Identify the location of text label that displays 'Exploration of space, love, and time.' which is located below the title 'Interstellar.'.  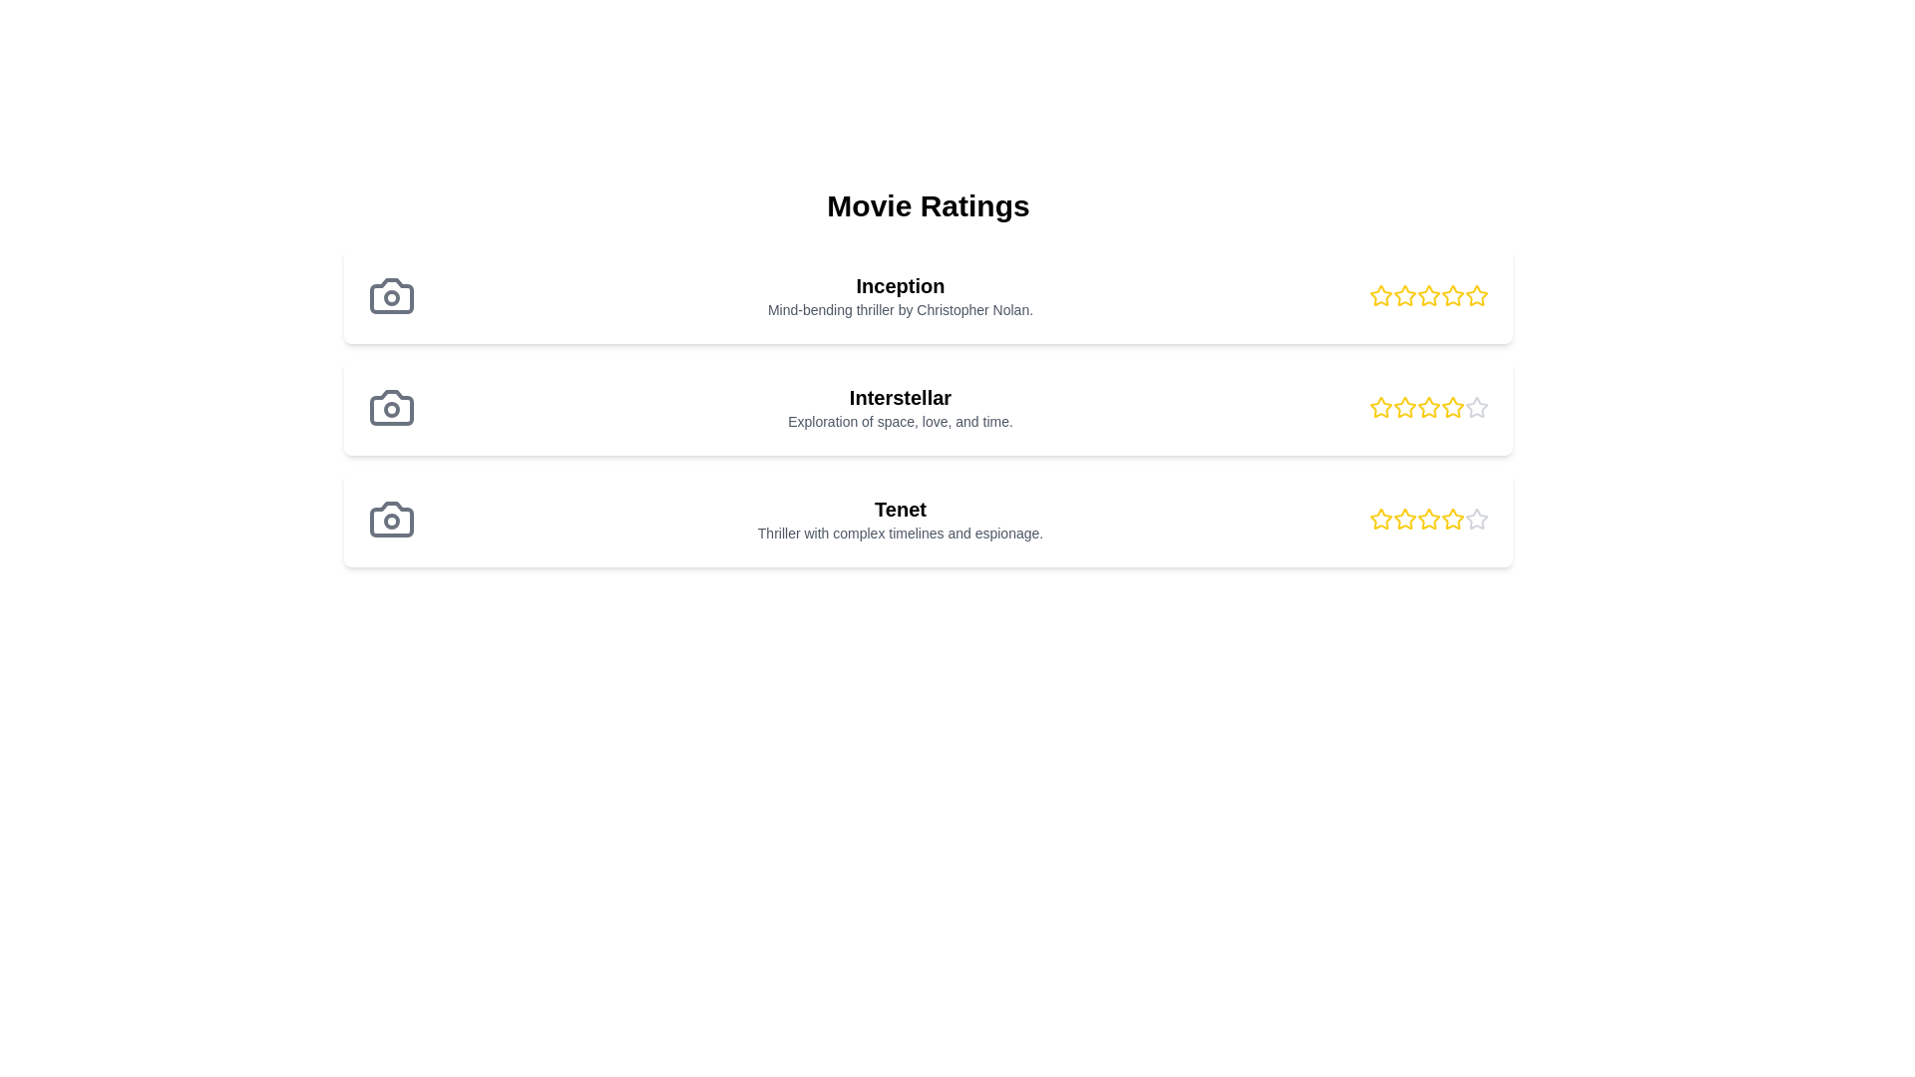
(899, 421).